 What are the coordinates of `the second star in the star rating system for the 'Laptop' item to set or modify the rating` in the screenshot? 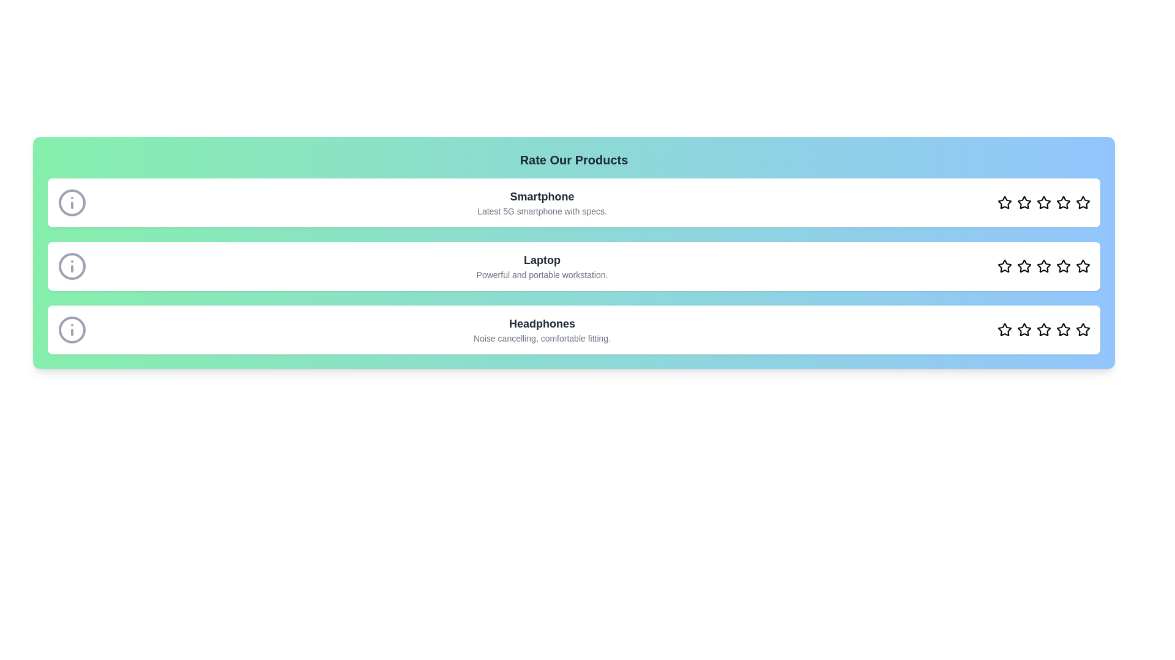 It's located at (1024, 265).